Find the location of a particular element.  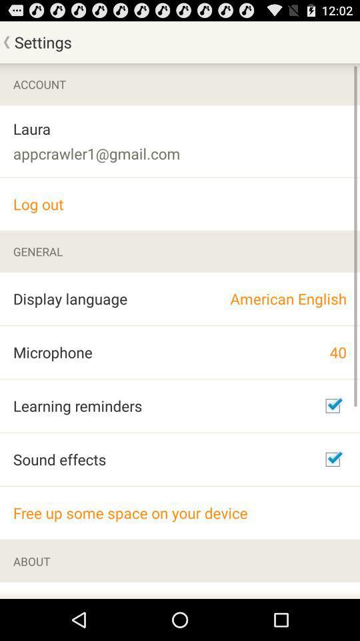

learning reminders toggle option is located at coordinates (332, 405).